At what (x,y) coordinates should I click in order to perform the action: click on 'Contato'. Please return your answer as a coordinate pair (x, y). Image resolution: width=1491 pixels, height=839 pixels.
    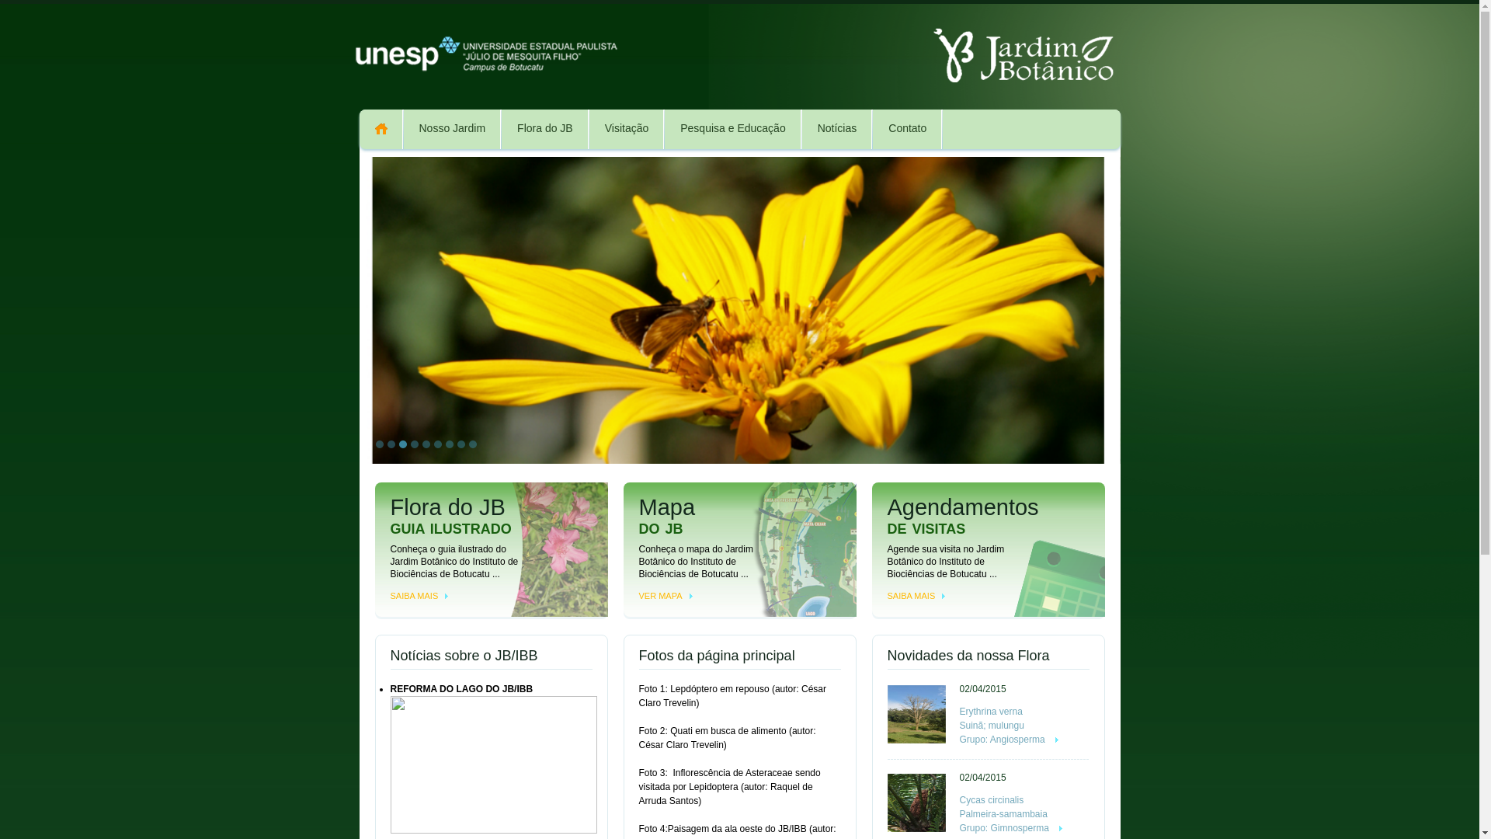
    Looking at the image, I should click on (908, 128).